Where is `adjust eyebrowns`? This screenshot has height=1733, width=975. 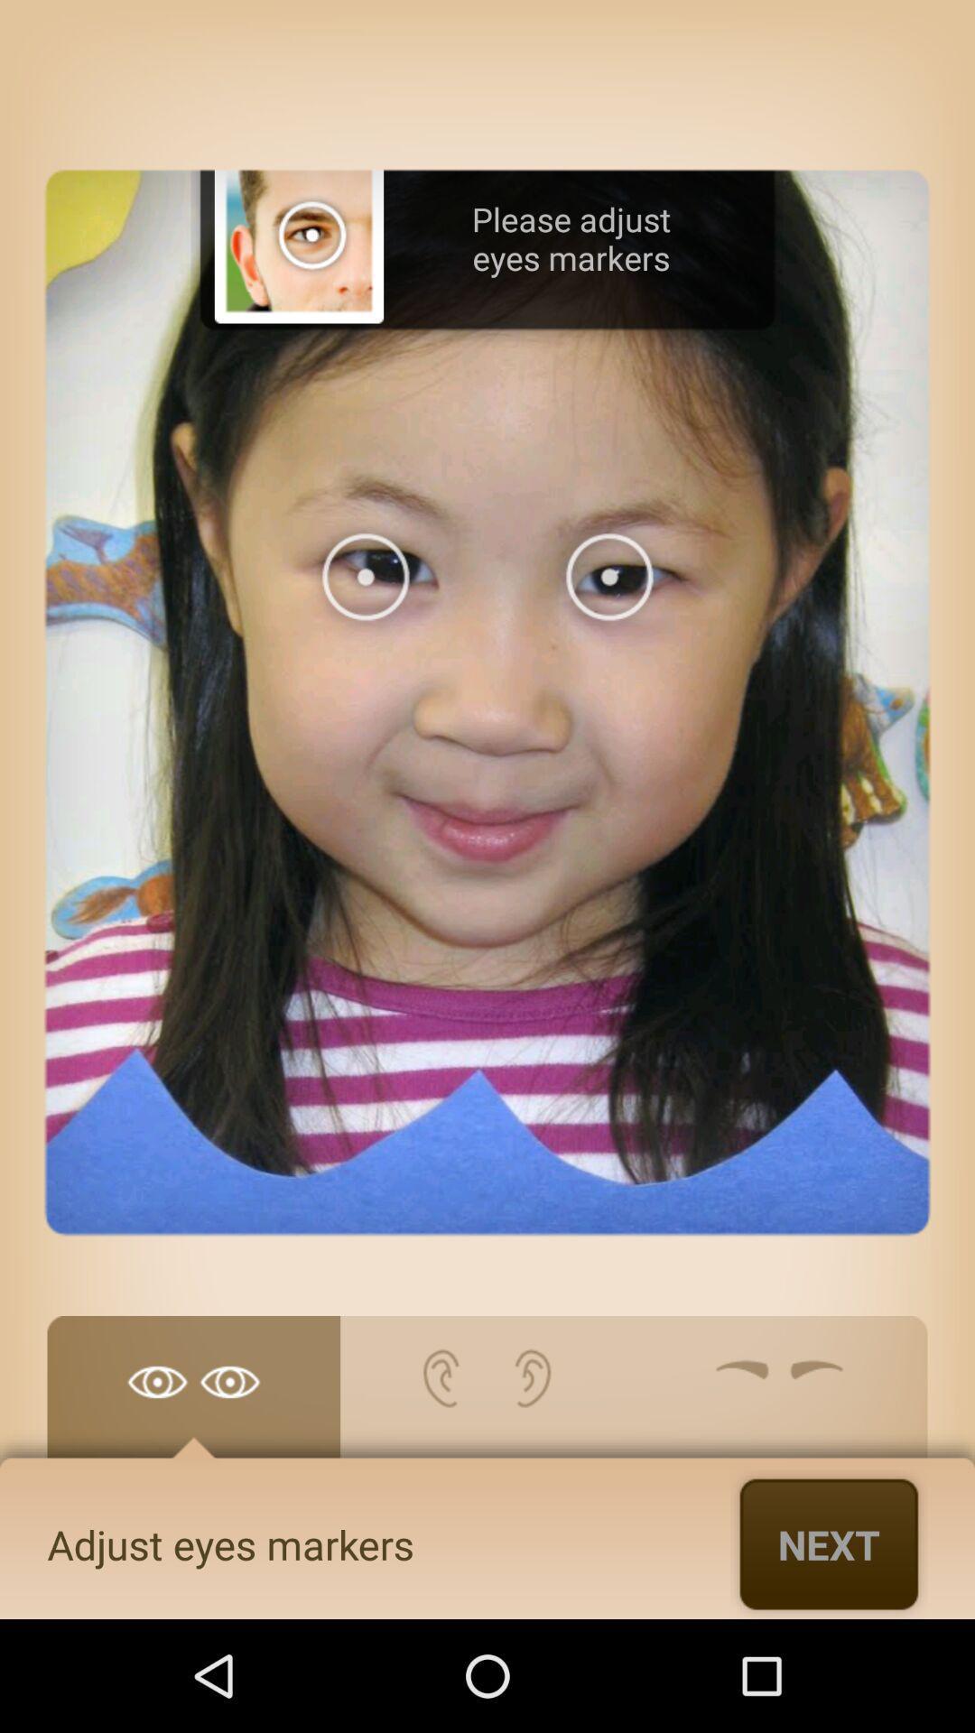 adjust eyebrowns is located at coordinates (779, 1395).